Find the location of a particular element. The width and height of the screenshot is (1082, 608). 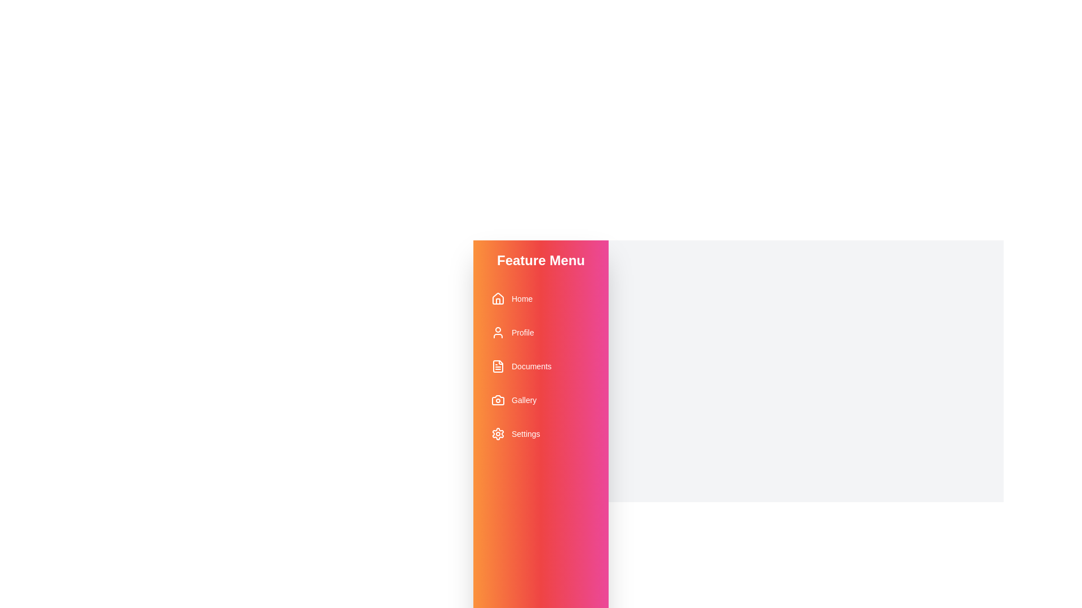

the menu item Settings to navigate is located at coordinates (541, 433).